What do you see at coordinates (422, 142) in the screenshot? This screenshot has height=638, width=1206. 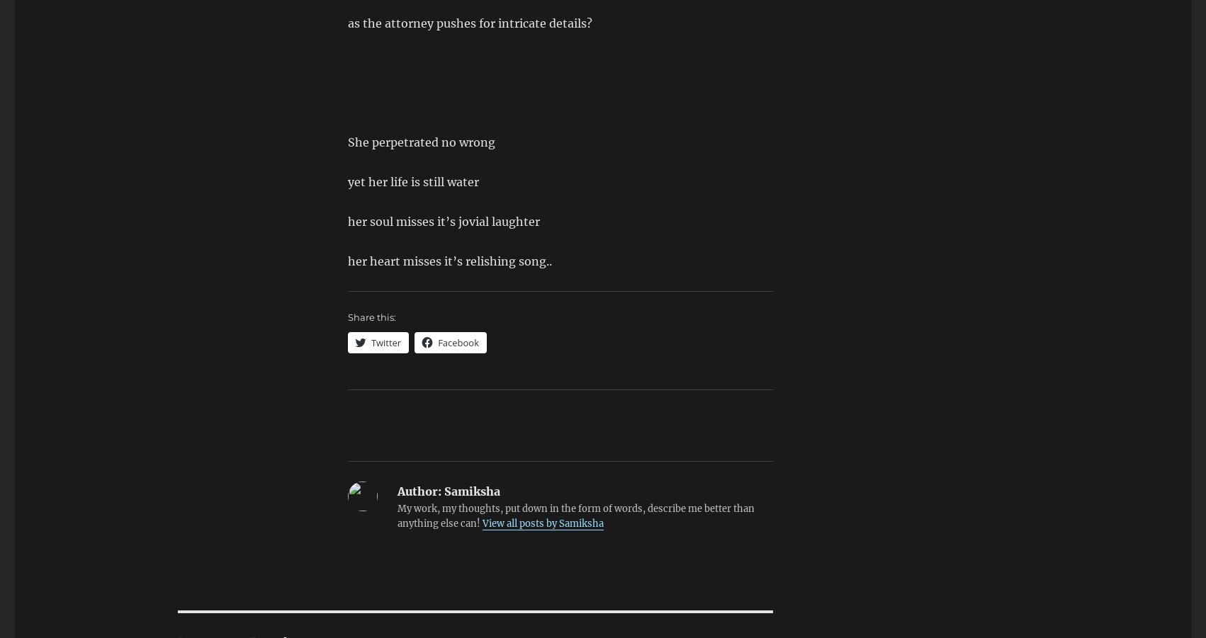 I see `'She perpetrated no wrong'` at bounding box center [422, 142].